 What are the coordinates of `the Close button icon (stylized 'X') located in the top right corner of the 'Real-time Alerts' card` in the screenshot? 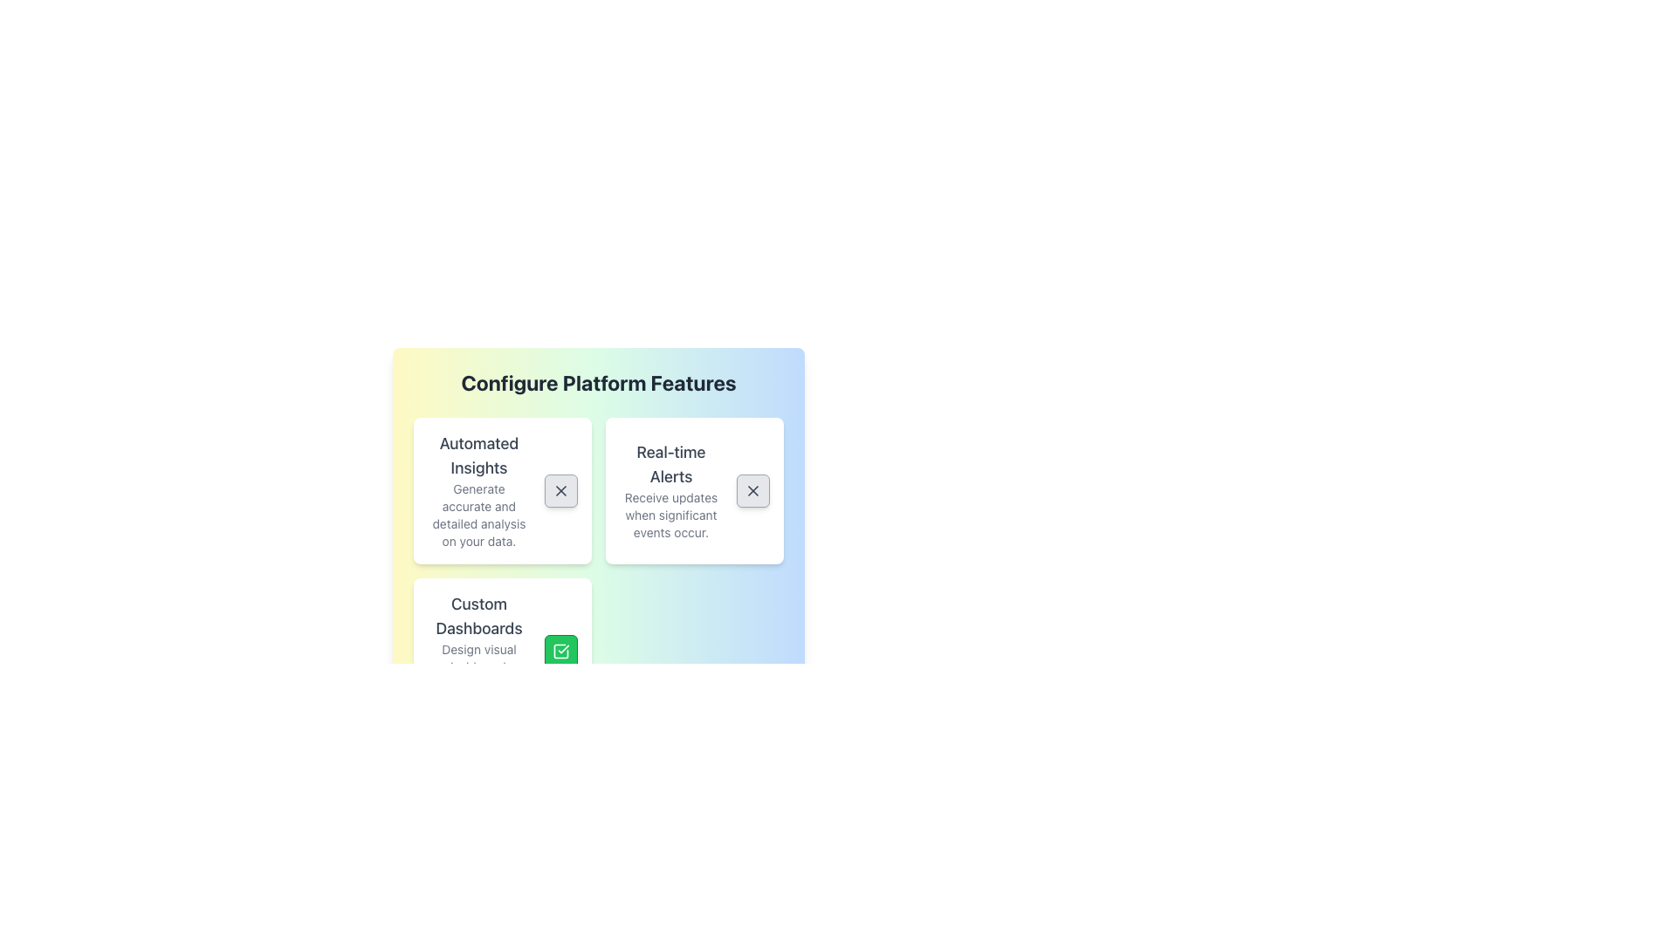 It's located at (753, 491).